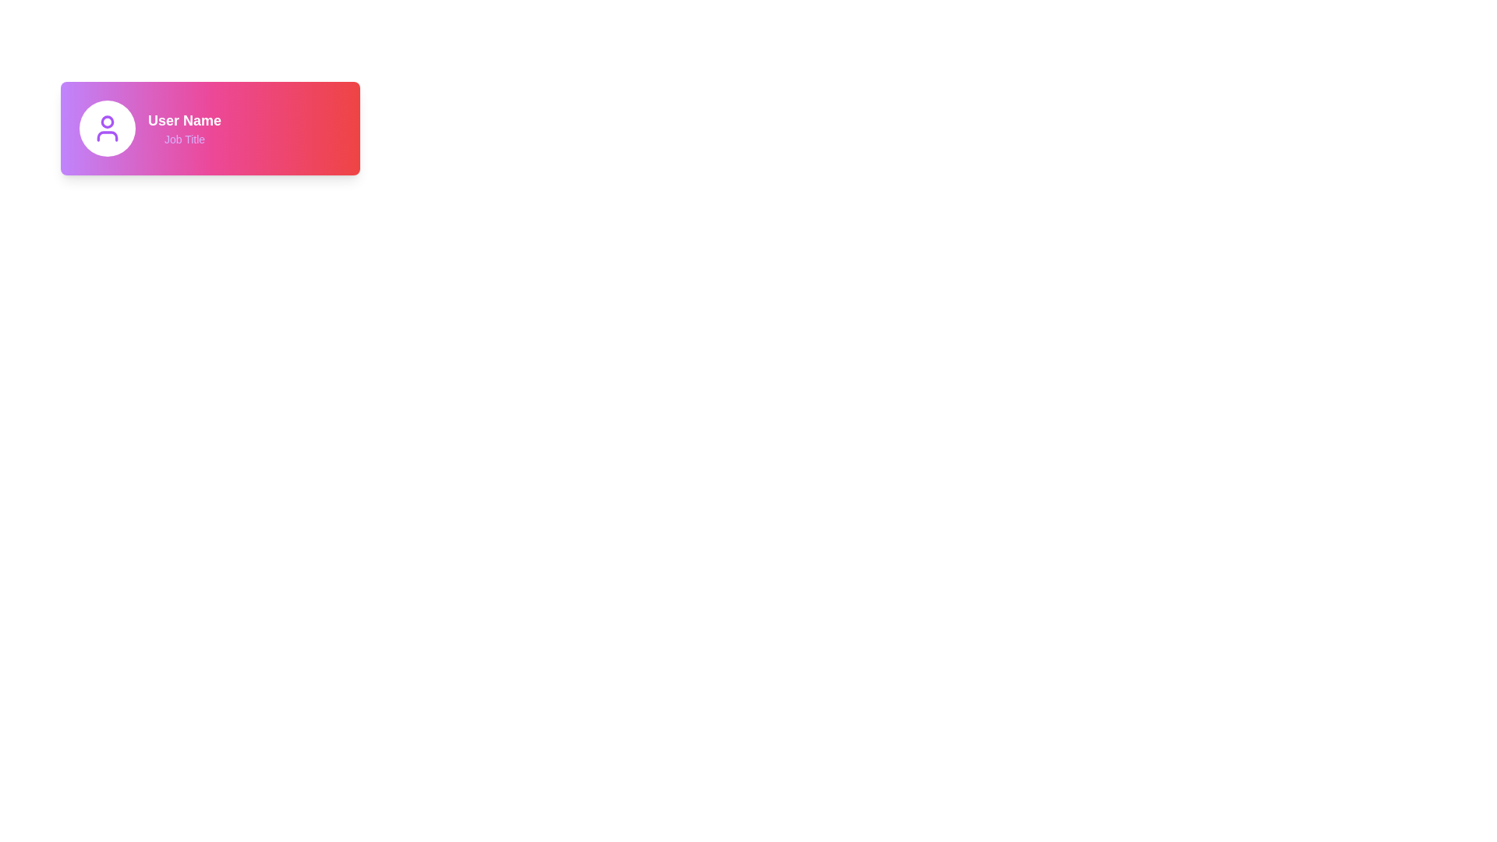 Image resolution: width=1497 pixels, height=842 pixels. Describe the element at coordinates (107, 135) in the screenshot. I see `the semicircular arc located in the lower portion of the circular user avatar icon, which is centered within the icon` at that location.